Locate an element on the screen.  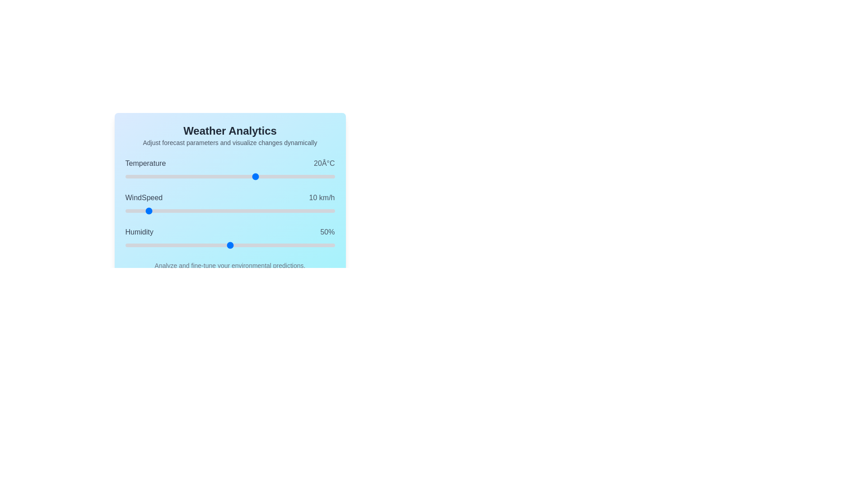
the Humidity slider to set its value to 56 is located at coordinates (242, 245).